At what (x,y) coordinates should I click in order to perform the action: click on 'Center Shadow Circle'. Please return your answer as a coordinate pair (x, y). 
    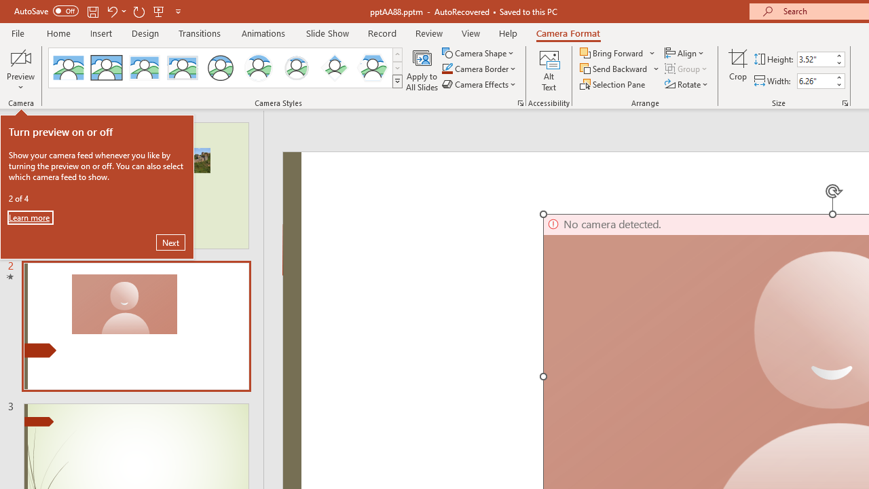
    Looking at the image, I should click on (259, 68).